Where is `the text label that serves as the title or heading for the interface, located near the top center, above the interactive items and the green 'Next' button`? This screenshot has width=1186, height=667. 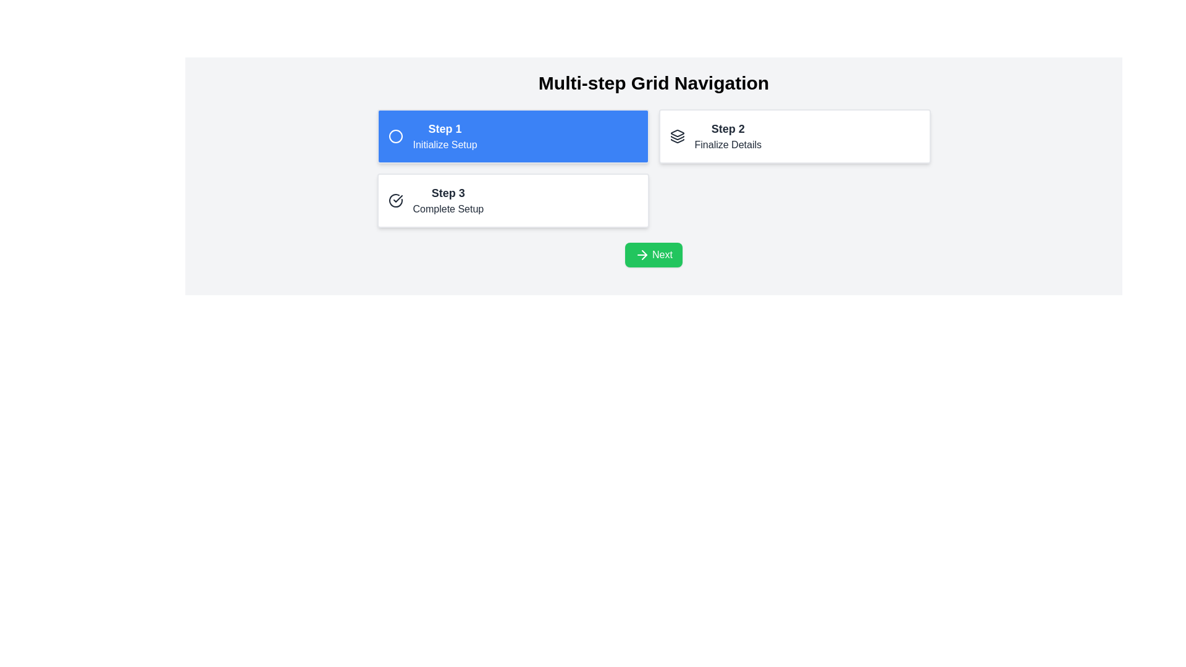
the text label that serves as the title or heading for the interface, located near the top center, above the interactive items and the green 'Next' button is located at coordinates (653, 83).